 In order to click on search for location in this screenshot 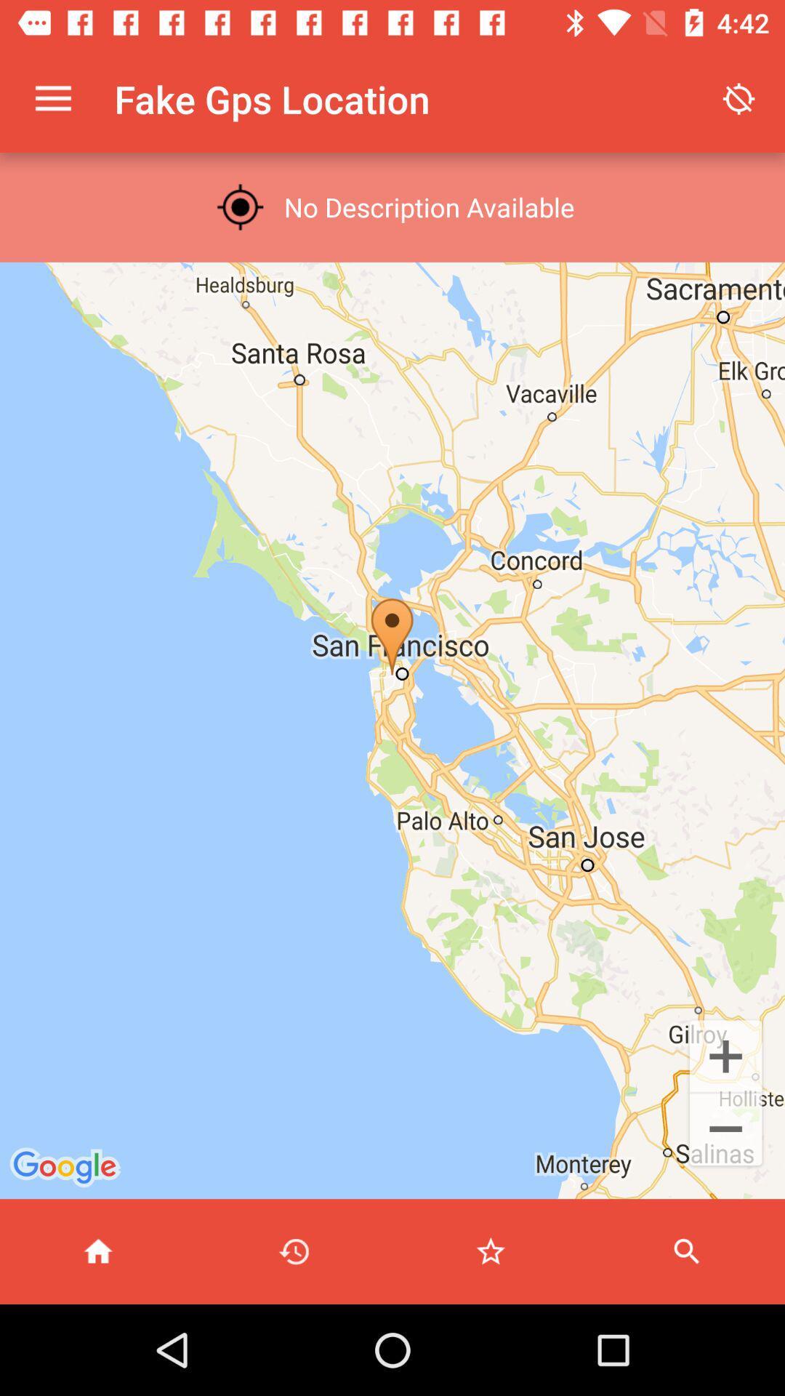, I will do `click(687, 1251)`.